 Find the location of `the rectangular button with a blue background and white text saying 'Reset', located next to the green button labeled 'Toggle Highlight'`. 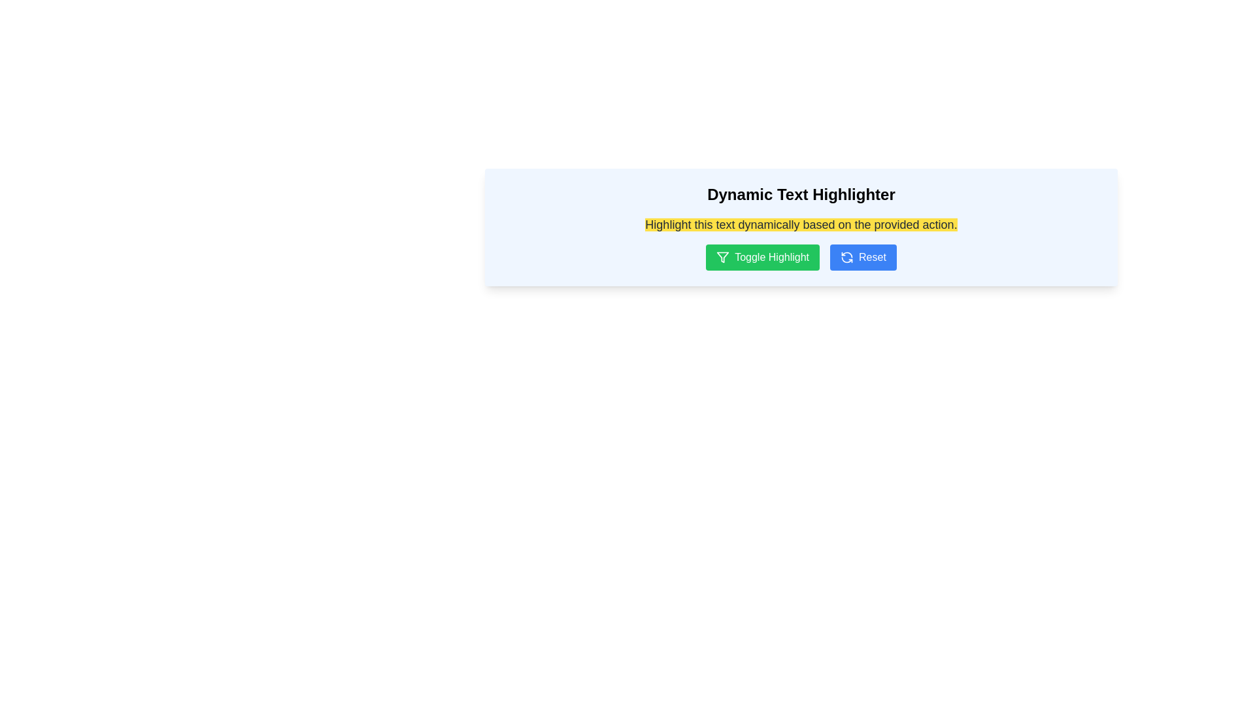

the rectangular button with a blue background and white text saying 'Reset', located next to the green button labeled 'Toggle Highlight' is located at coordinates (863, 257).